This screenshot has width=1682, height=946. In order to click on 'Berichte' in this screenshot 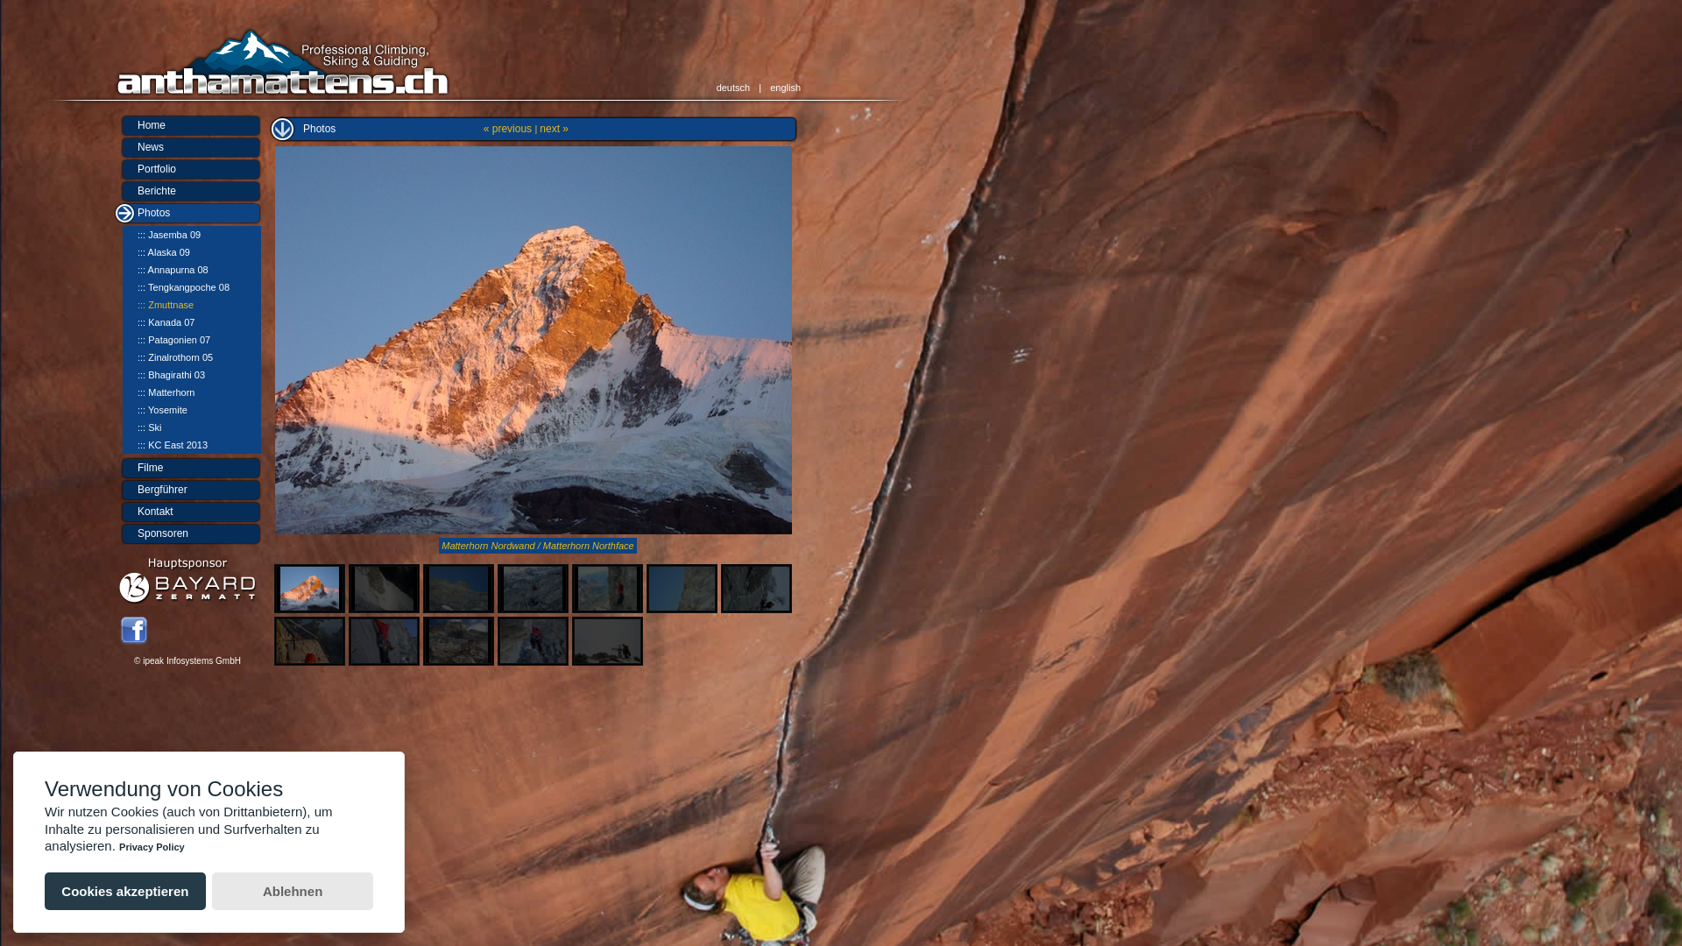, I will do `click(187, 191)`.